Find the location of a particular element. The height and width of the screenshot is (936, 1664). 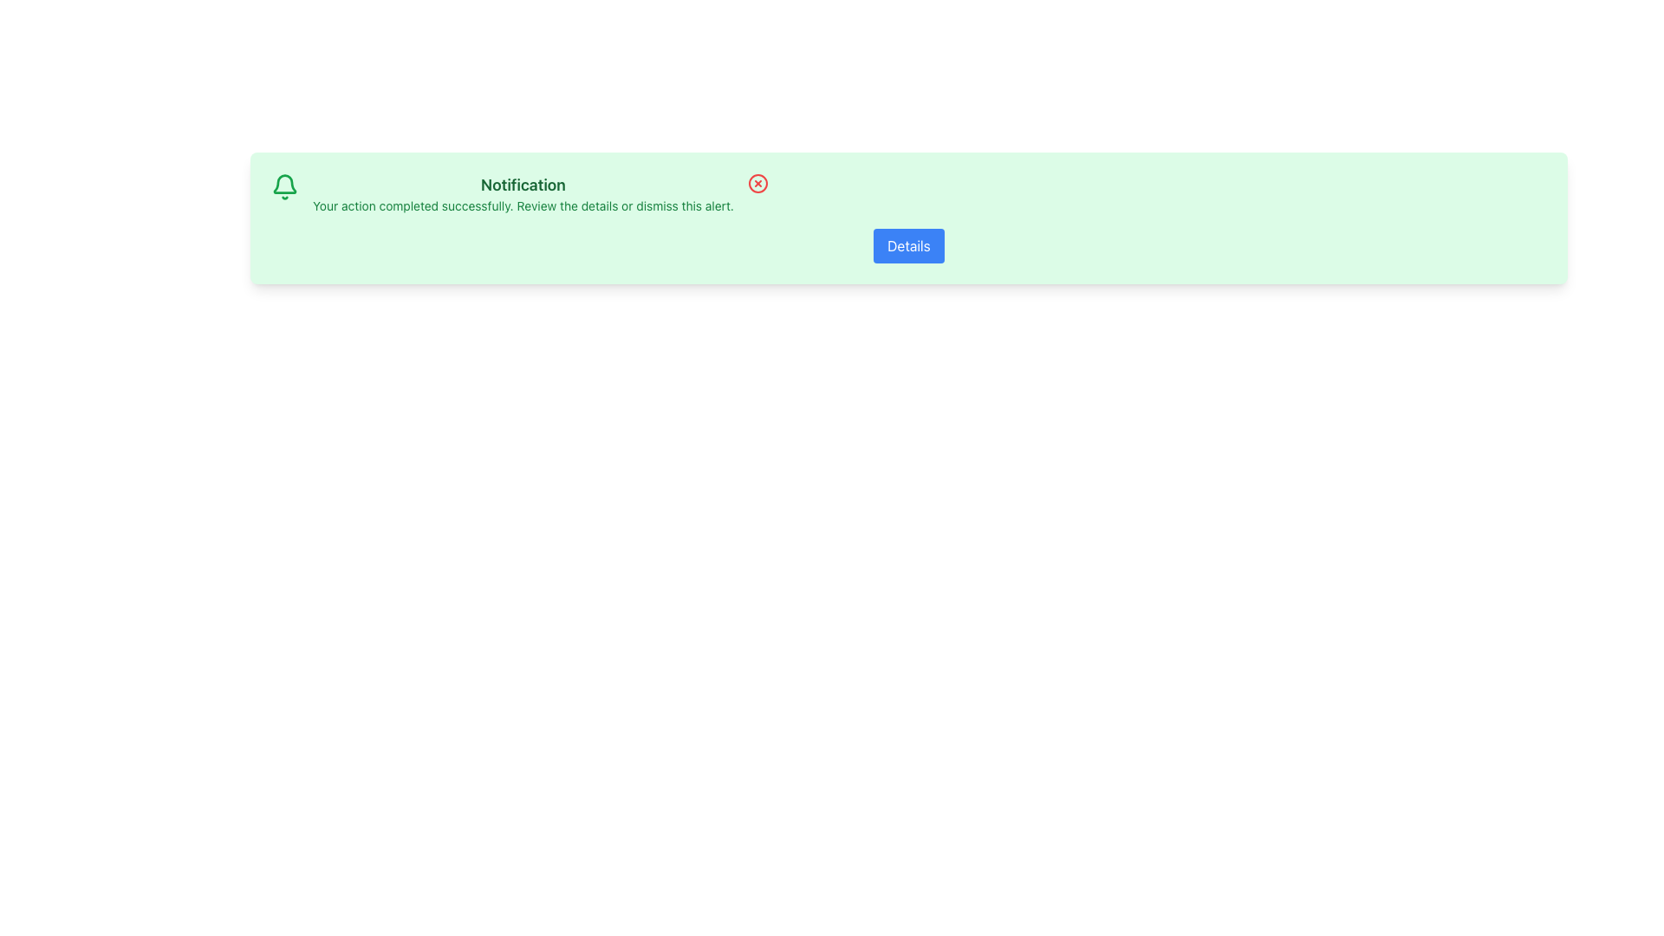

the SVG Circle in the top-right portion of the notification banner is located at coordinates (757, 184).